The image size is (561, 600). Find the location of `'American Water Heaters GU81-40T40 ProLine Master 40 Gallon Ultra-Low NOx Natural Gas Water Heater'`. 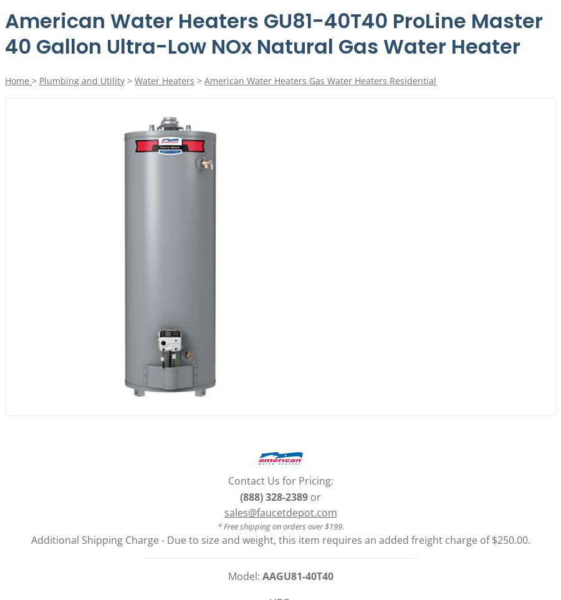

'American Water Heaters GU81-40T40 ProLine Master 40 Gallon Ultra-Low NOx Natural Gas Water Heater' is located at coordinates (274, 33).